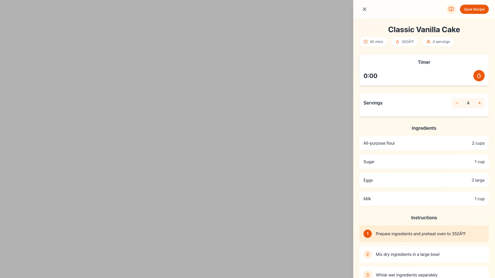  Describe the element at coordinates (479, 161) in the screenshot. I see `the text label indicating the quantity of 'Sugar' in the 'Ingredients' section, which is the rightmost element in the corresponding row` at that location.